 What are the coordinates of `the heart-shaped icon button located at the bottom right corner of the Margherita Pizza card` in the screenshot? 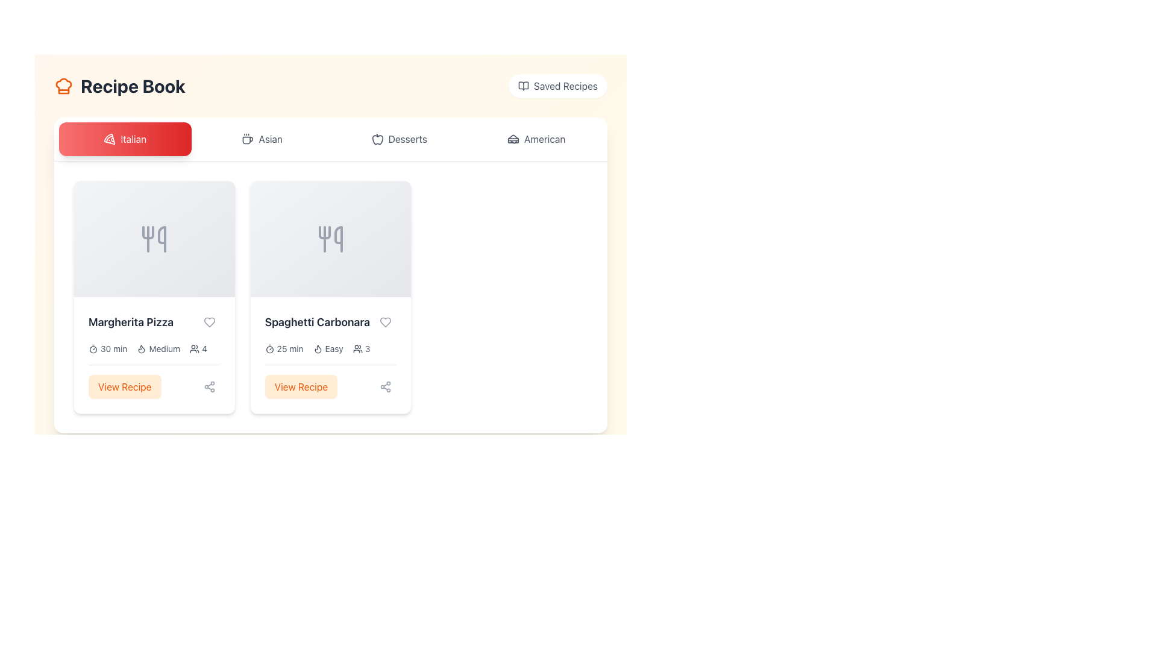 It's located at (209, 322).